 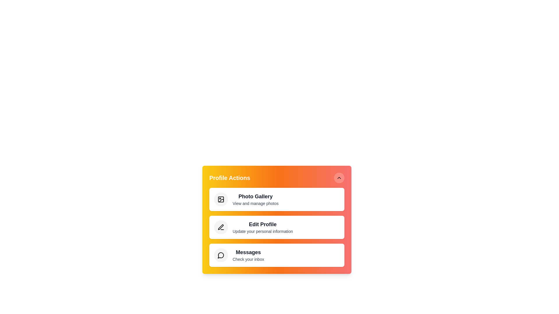 I want to click on the 'Photo Gallery' action in the menu, so click(x=276, y=199).